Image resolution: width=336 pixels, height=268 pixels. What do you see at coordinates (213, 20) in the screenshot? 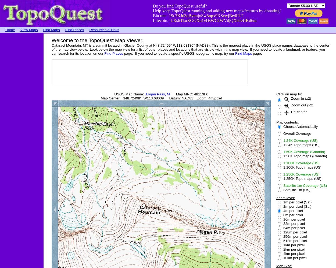
I see `'LXs6TkuXGGXo1vDsWCkWVdjQX94eUKd6ui'` at bounding box center [213, 20].